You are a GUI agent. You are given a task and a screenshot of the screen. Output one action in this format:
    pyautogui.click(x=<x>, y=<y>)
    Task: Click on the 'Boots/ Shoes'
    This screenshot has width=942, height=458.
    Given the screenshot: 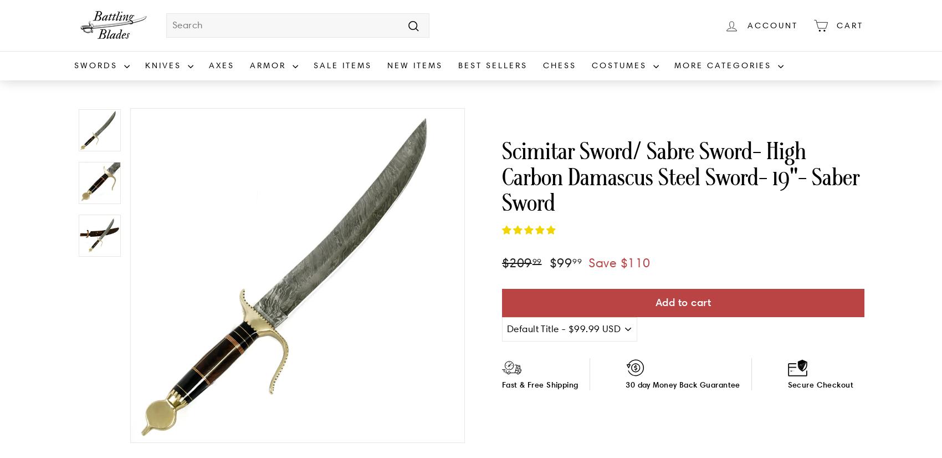 What is the action you would take?
    pyautogui.click(x=619, y=135)
    